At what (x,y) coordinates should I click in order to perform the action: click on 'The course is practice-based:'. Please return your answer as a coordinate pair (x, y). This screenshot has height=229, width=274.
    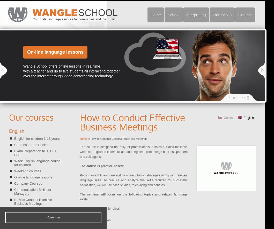
    Looking at the image, I should click on (80, 166).